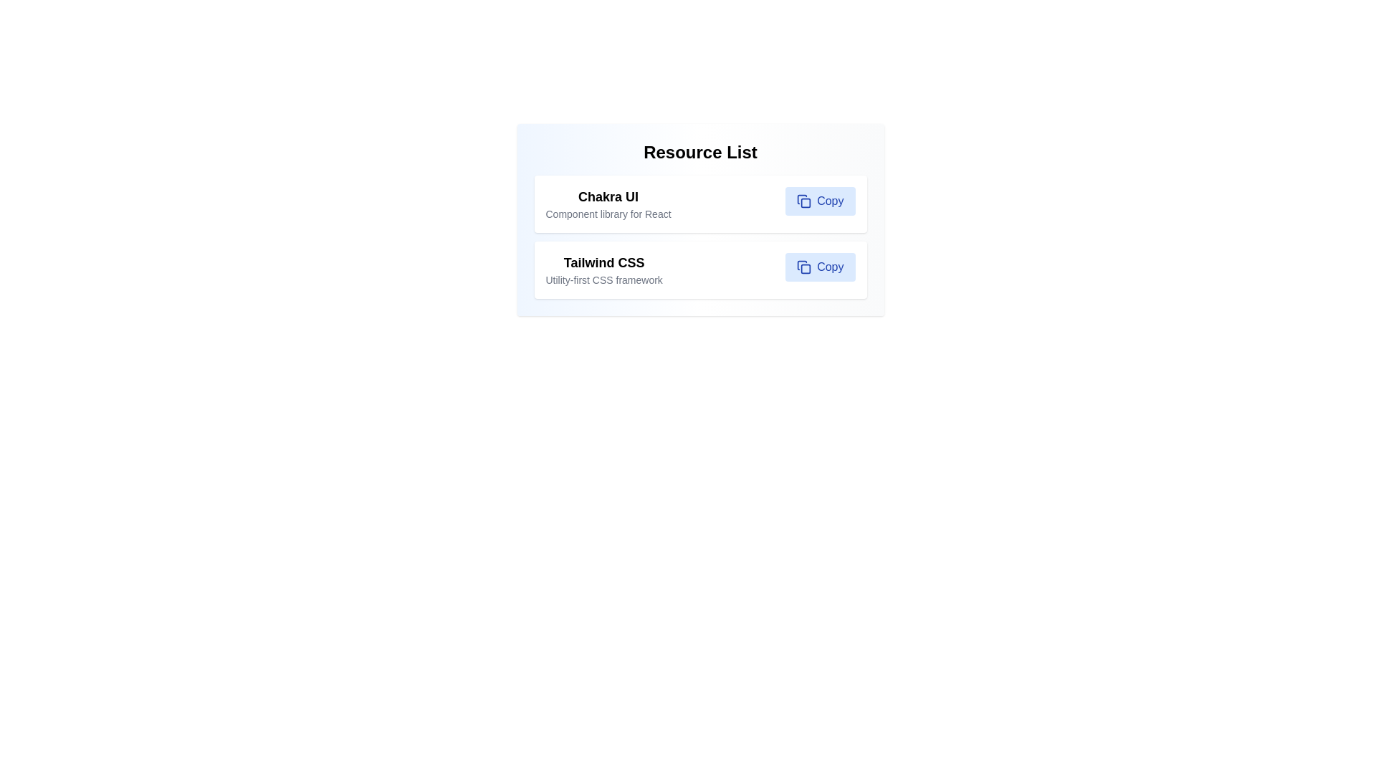 This screenshot has width=1376, height=774. I want to click on the copy button located in the card under the 'Tailwind CSS' heading, so click(820, 267).